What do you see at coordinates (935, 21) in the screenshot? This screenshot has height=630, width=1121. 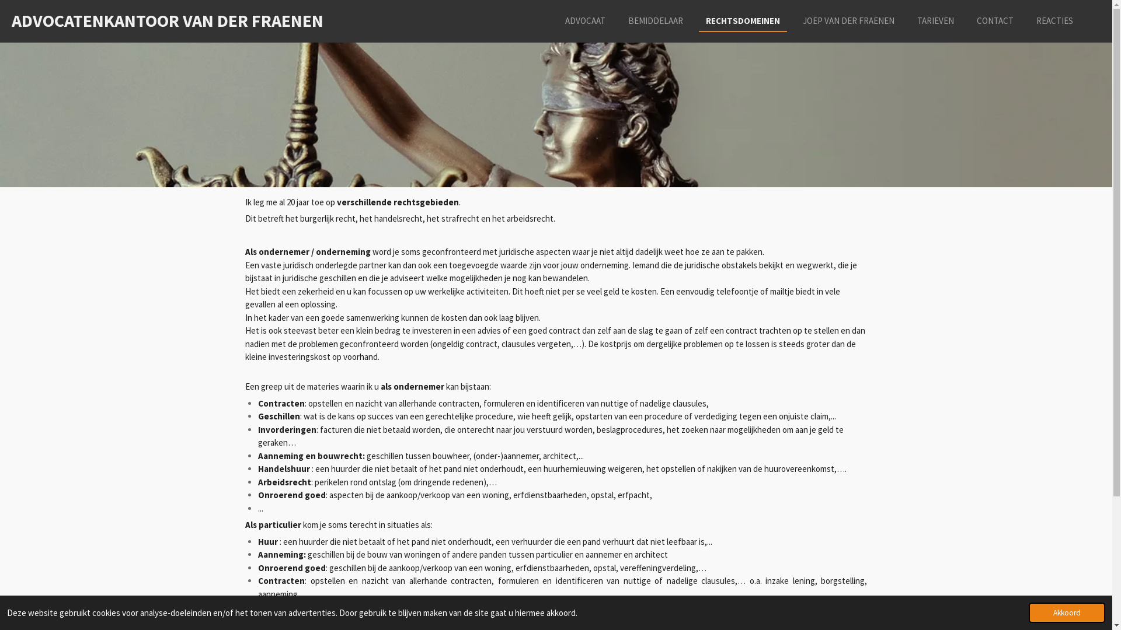 I see `'TARIEVEN'` at bounding box center [935, 21].